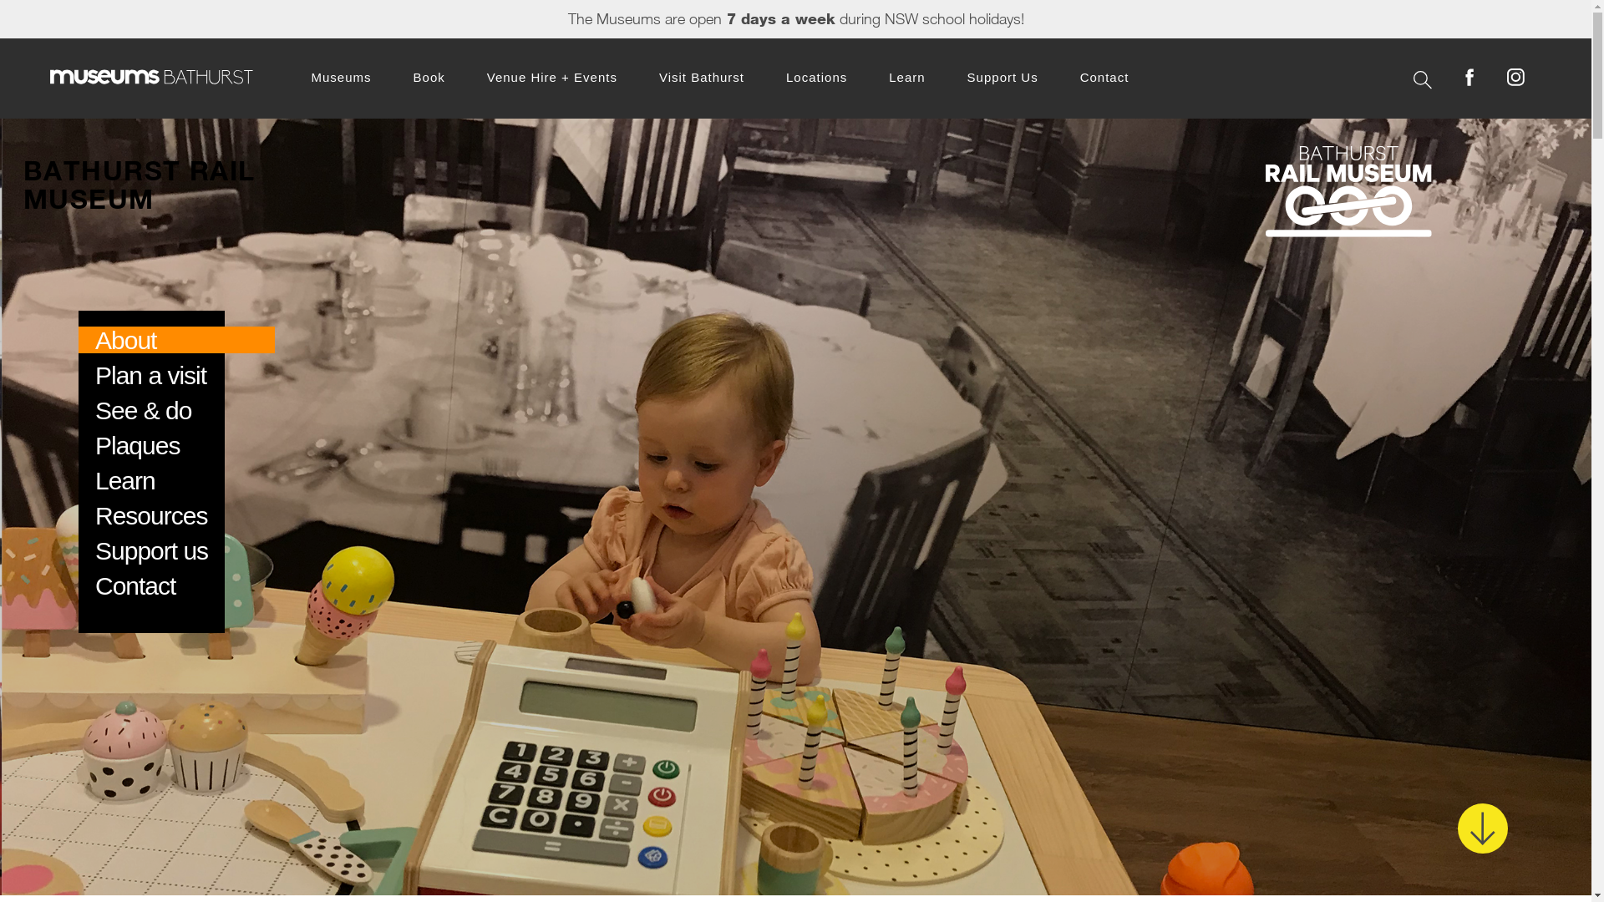 Image resolution: width=1604 pixels, height=902 pixels. Describe the element at coordinates (151, 550) in the screenshot. I see `'Support us'` at that location.